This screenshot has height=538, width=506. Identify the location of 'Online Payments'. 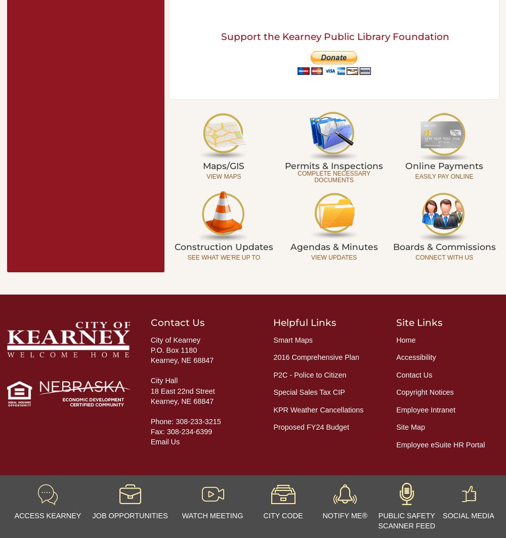
(444, 165).